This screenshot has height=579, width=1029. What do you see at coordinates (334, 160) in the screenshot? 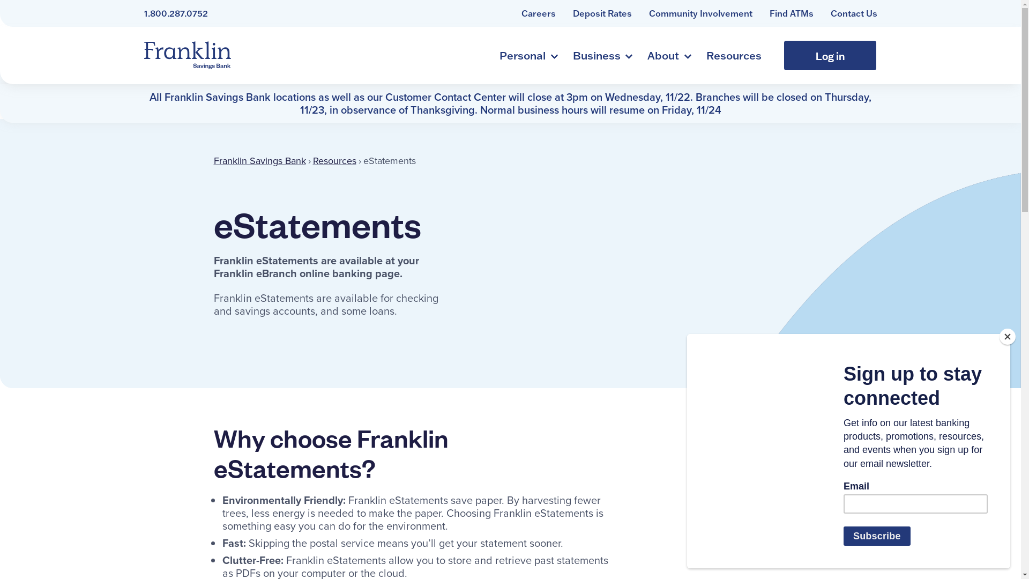
I see `'Resources'` at bounding box center [334, 160].